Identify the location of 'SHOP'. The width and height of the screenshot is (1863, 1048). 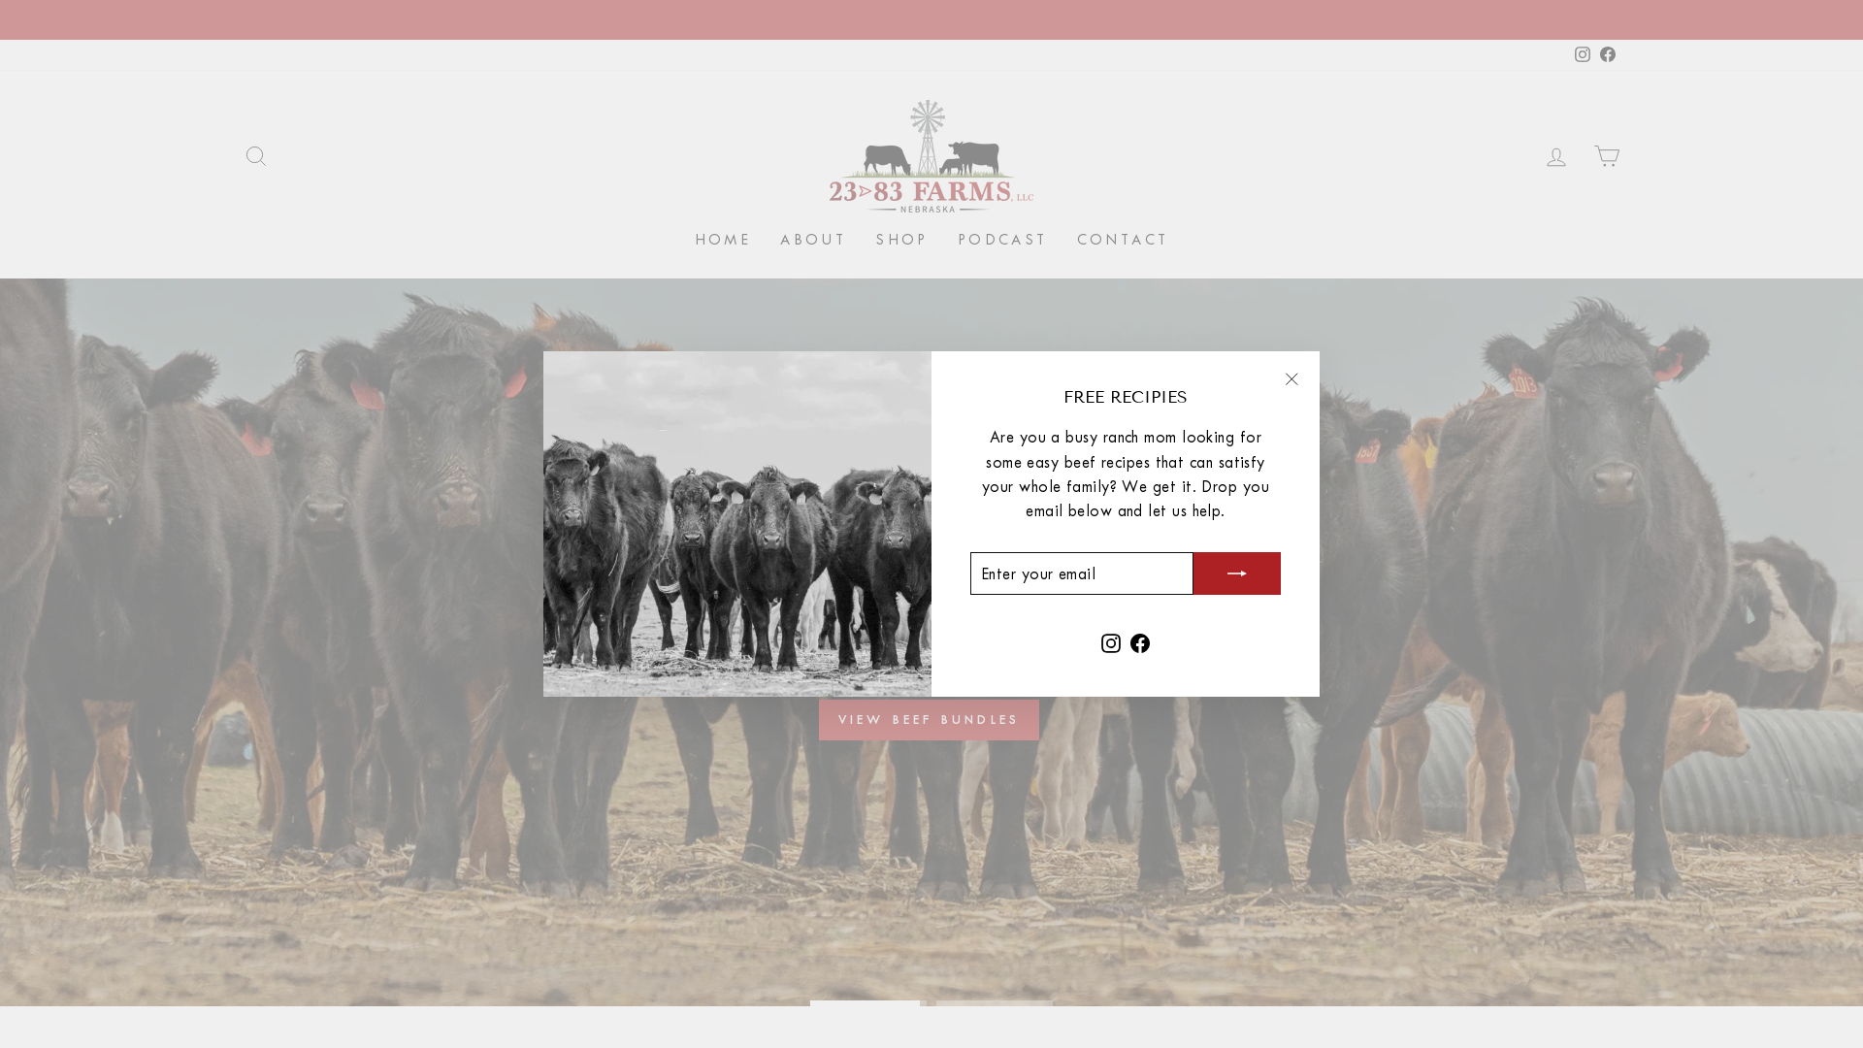
(900, 239).